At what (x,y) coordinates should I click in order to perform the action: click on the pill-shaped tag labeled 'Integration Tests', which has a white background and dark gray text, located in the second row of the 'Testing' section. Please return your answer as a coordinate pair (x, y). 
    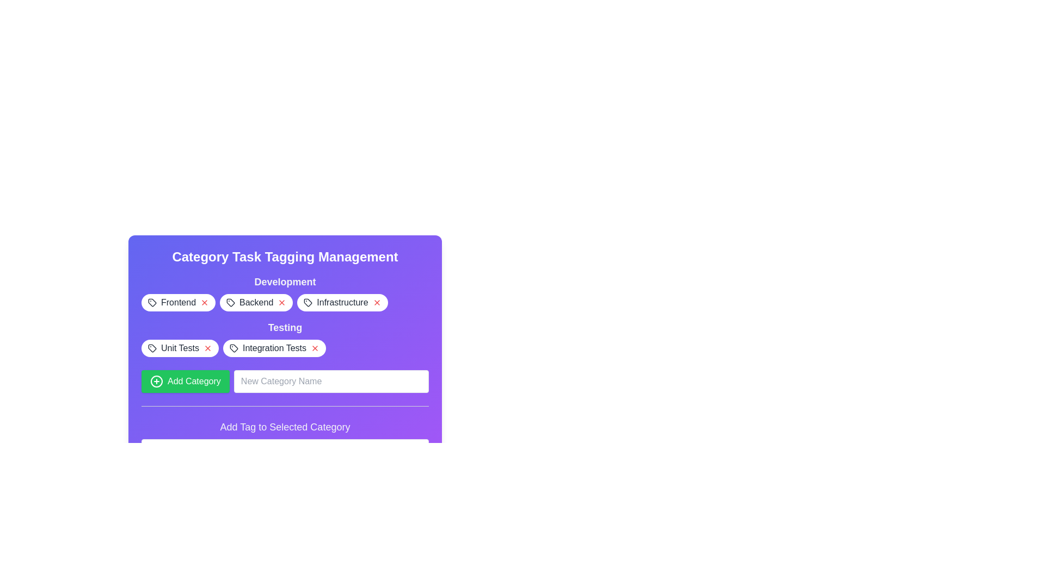
    Looking at the image, I should click on (274, 348).